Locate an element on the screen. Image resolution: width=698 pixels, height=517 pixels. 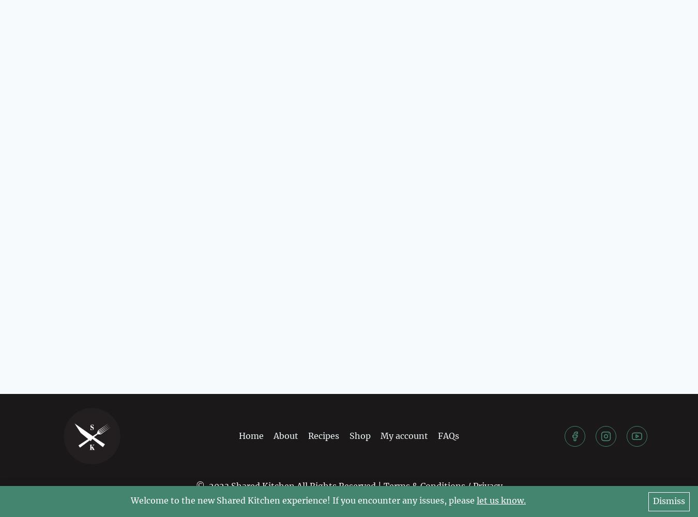
'let us know.' is located at coordinates (500, 500).